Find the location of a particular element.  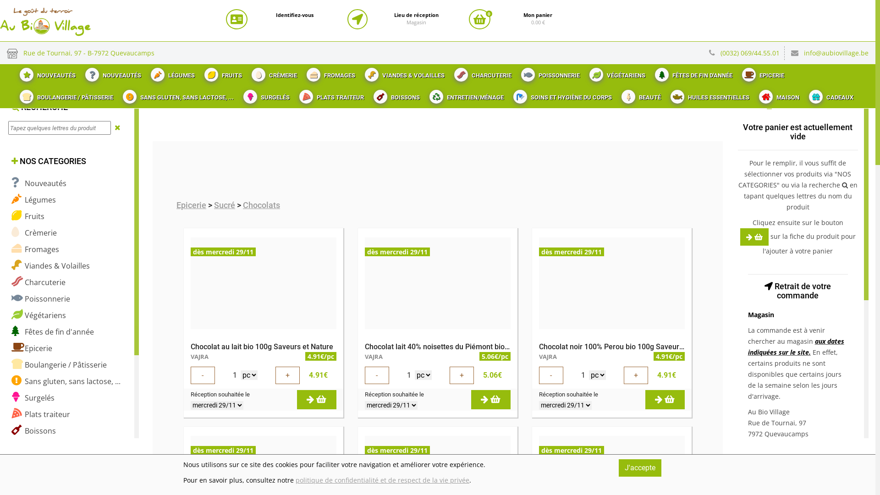

'EPICERIE' is located at coordinates (762, 72).